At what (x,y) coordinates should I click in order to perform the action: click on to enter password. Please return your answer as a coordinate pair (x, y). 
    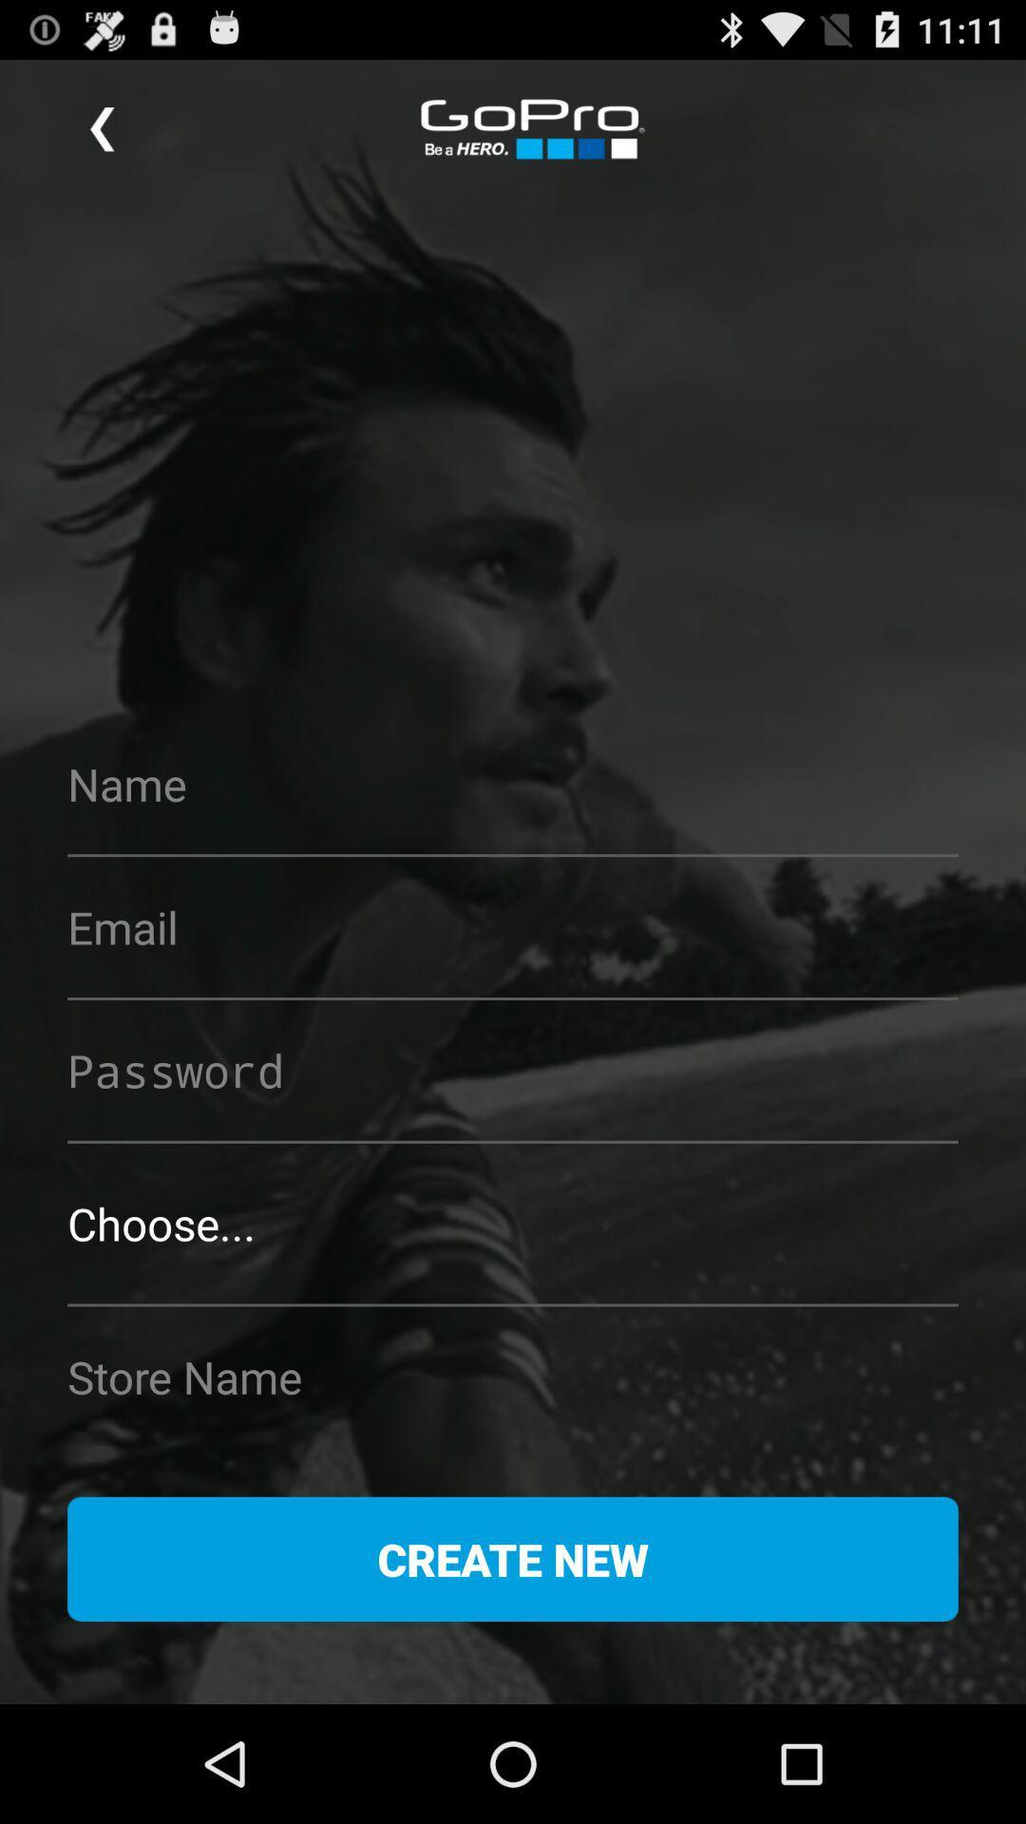
    Looking at the image, I should click on (513, 1070).